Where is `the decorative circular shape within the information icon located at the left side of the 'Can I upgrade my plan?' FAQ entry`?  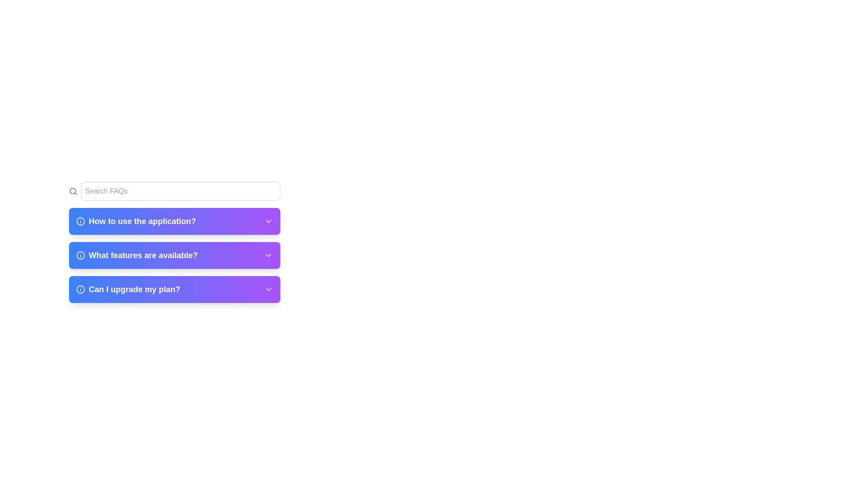
the decorative circular shape within the information icon located at the left side of the 'Can I upgrade my plan?' FAQ entry is located at coordinates (81, 289).